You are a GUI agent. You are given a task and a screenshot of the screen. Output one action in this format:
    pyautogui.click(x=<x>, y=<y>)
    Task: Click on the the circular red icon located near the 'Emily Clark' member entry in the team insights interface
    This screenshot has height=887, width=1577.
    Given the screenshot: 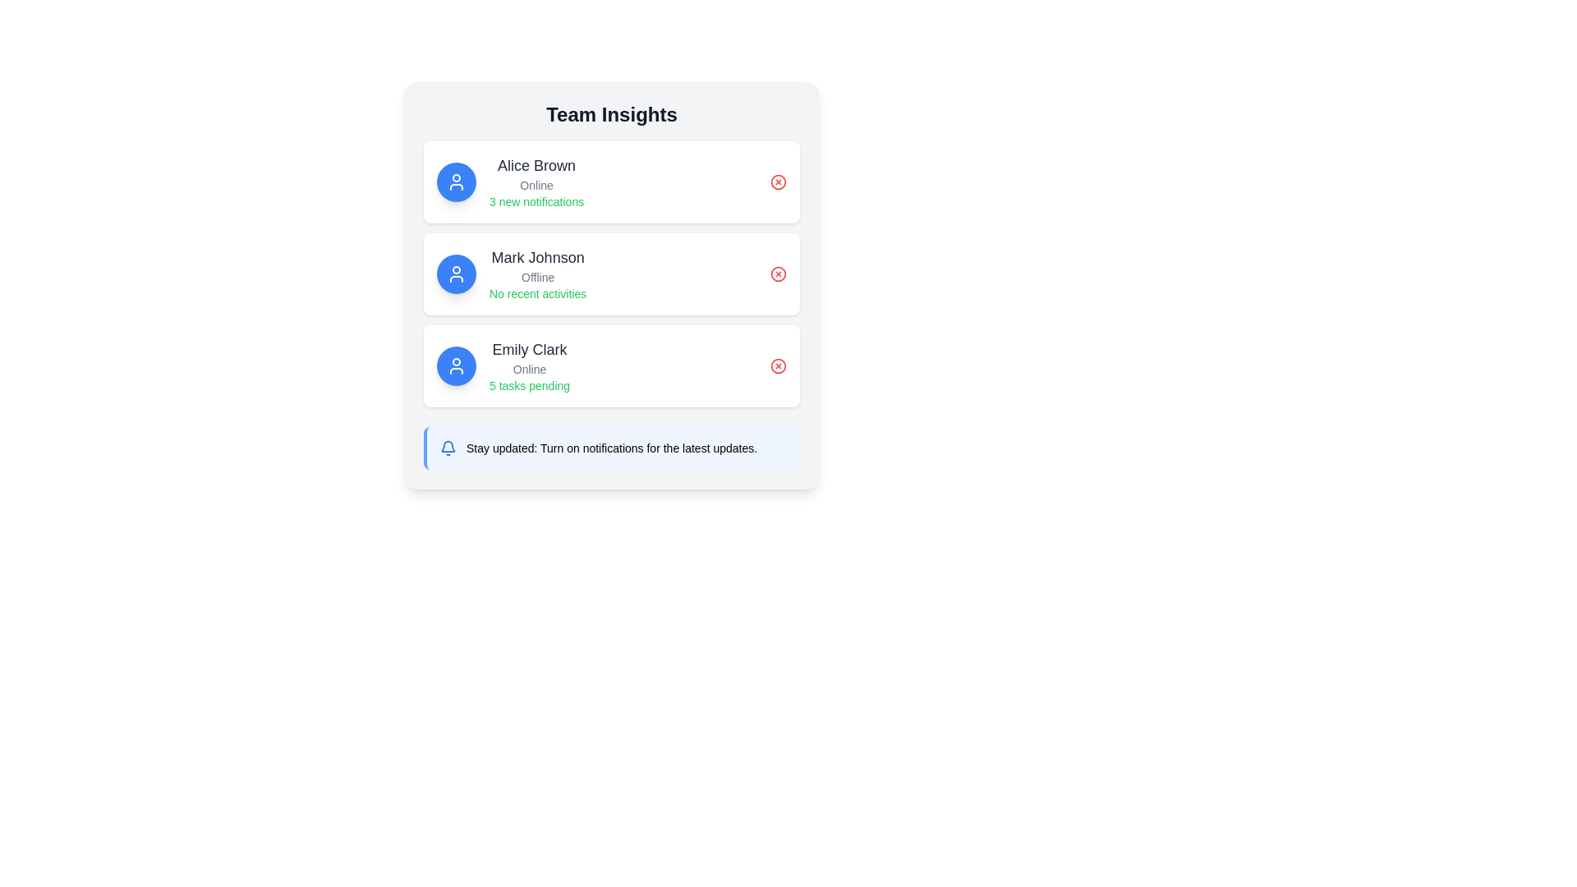 What is the action you would take?
    pyautogui.click(x=778, y=365)
    